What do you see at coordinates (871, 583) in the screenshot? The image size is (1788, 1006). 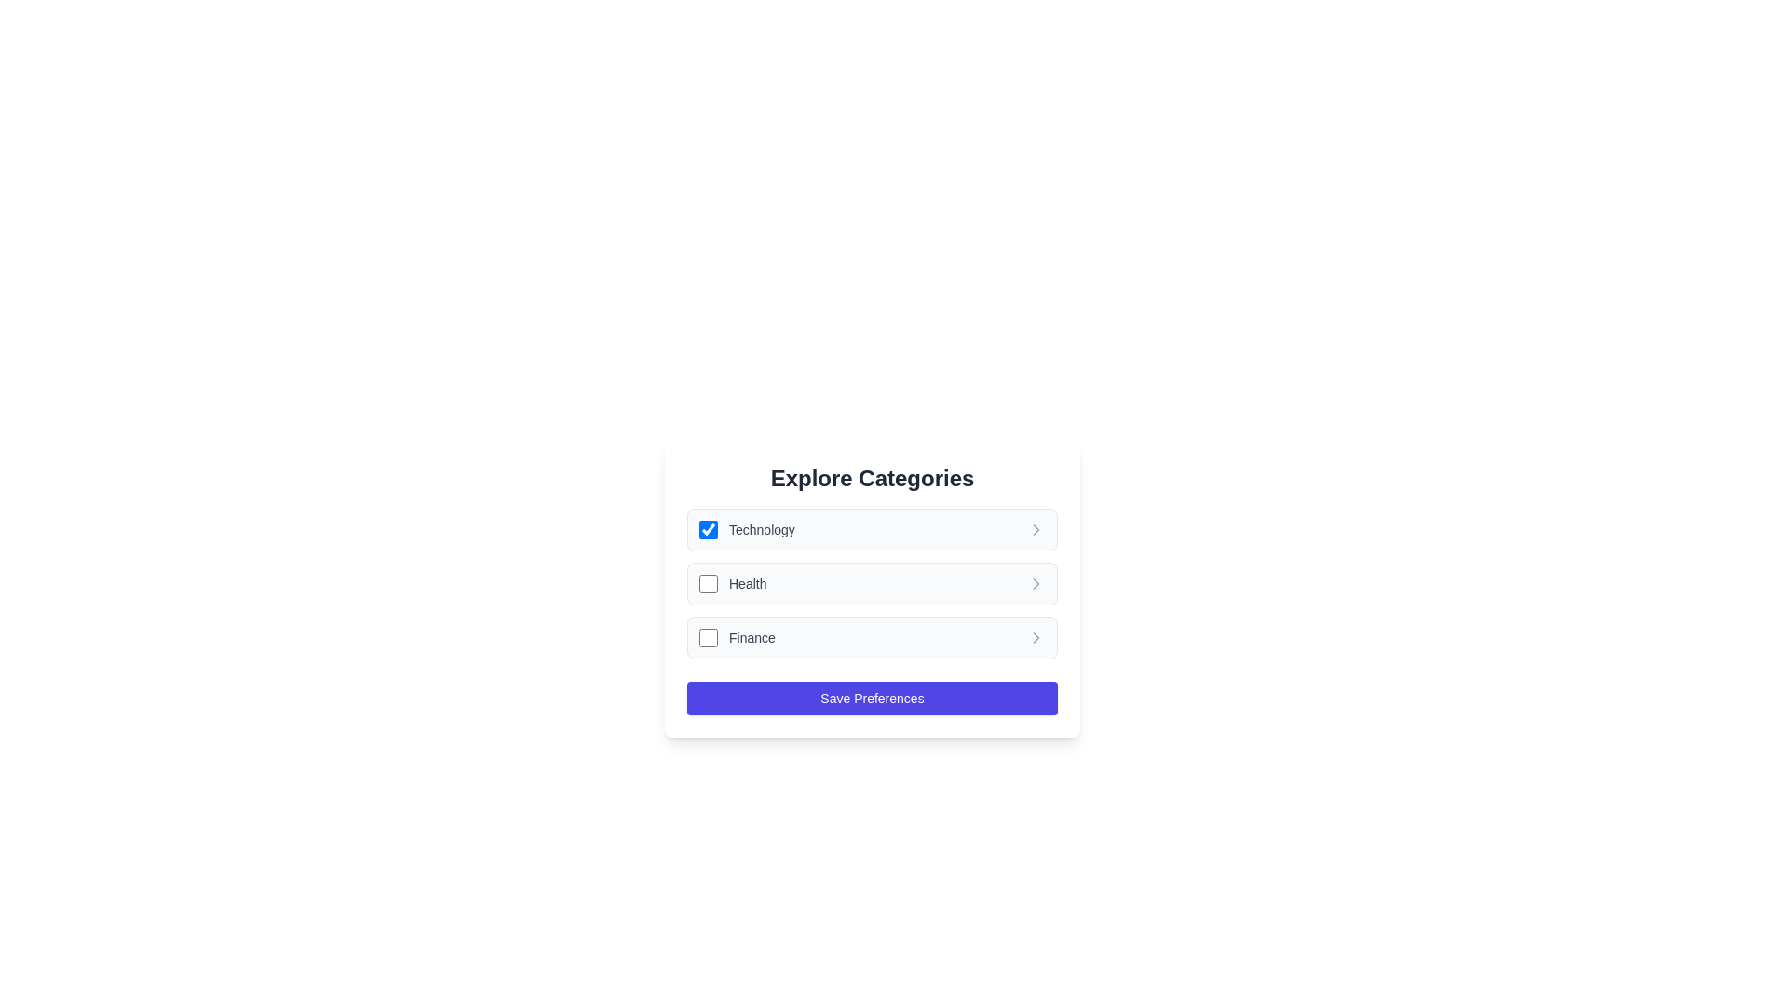 I see `the list item Health to observe its hover effect` at bounding box center [871, 583].